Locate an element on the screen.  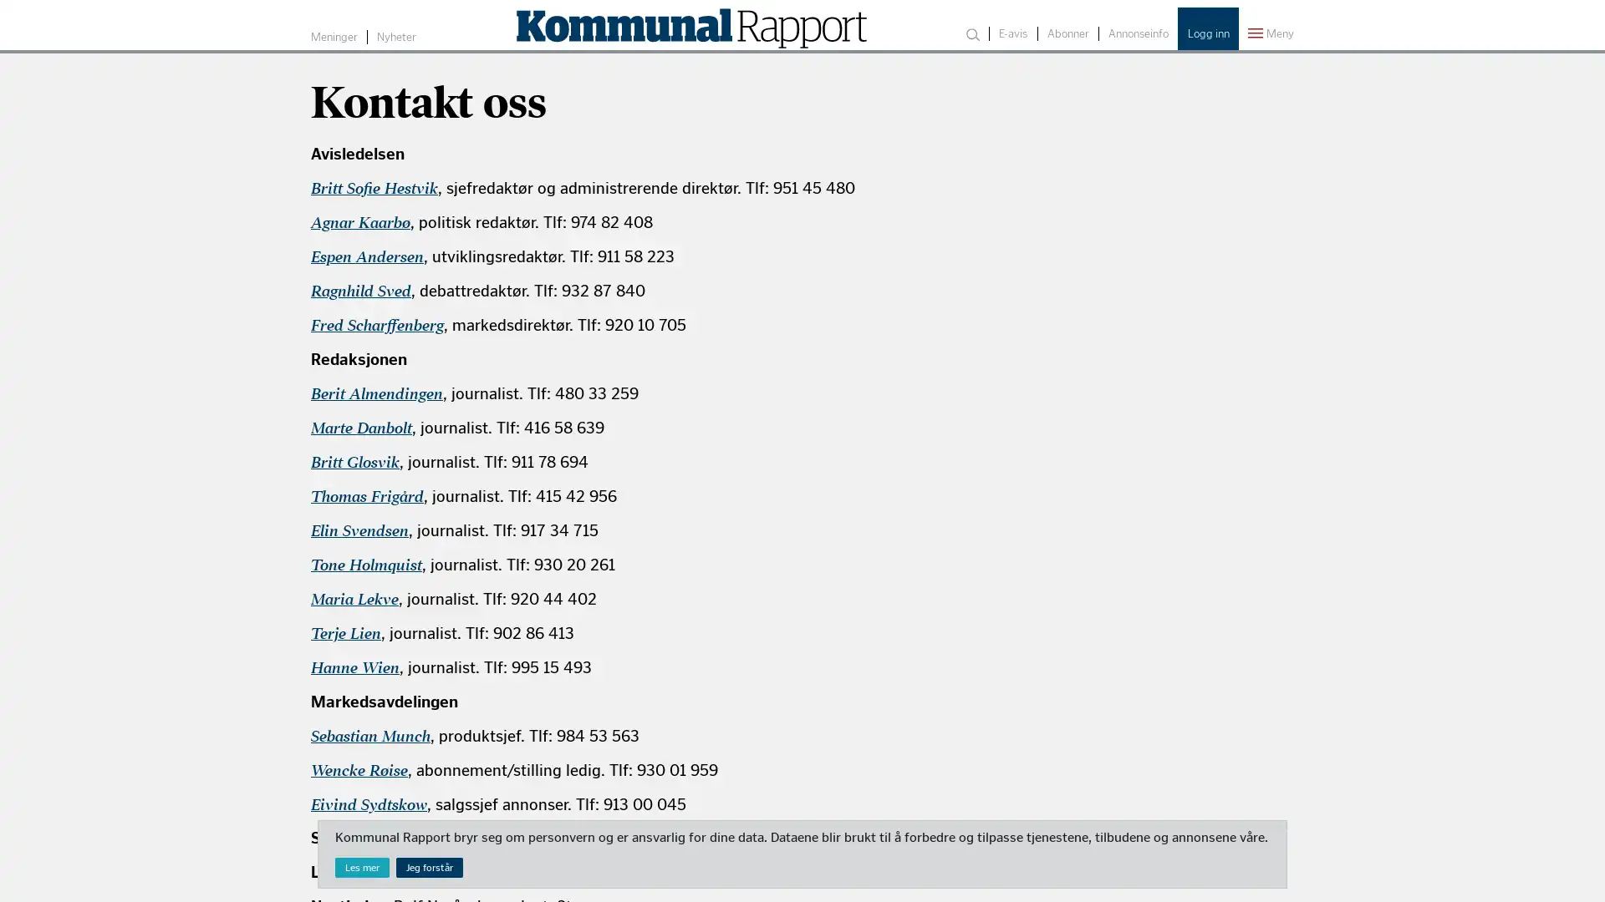
Jeg forstar is located at coordinates (429, 866).